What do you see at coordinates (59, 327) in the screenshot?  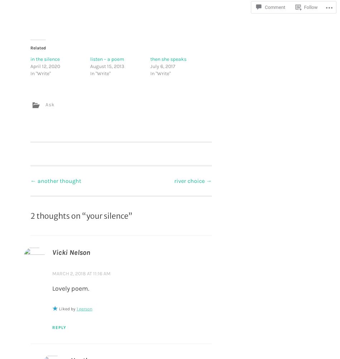 I see `'Reply'` at bounding box center [59, 327].